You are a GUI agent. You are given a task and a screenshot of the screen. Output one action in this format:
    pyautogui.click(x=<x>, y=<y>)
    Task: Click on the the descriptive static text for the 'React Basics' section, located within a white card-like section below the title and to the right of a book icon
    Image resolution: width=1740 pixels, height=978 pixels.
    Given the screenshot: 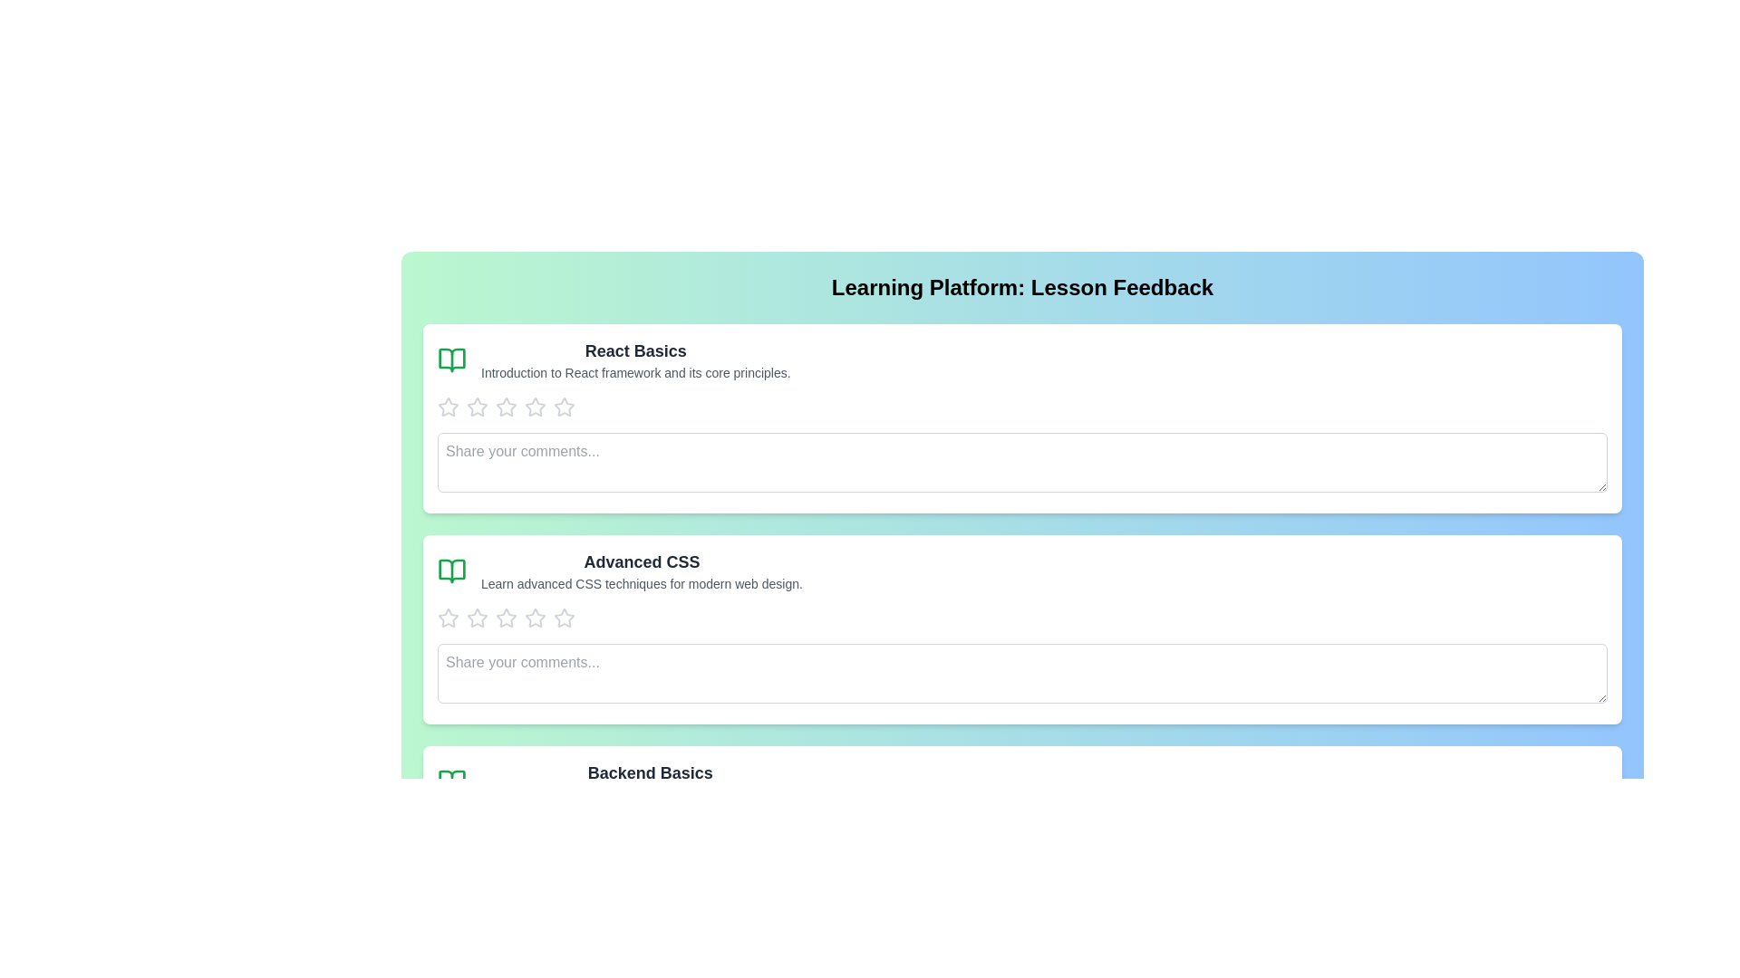 What is the action you would take?
    pyautogui.click(x=635, y=372)
    